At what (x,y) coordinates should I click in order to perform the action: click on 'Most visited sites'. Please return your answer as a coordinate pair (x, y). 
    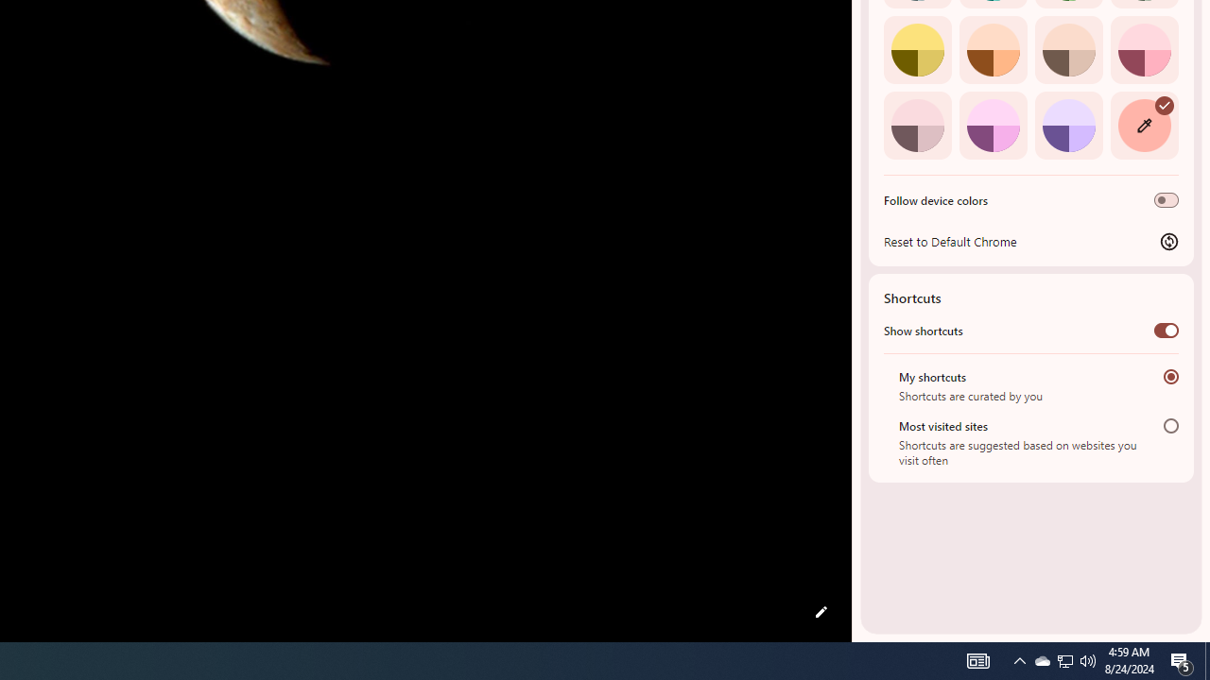
    Looking at the image, I should click on (1170, 425).